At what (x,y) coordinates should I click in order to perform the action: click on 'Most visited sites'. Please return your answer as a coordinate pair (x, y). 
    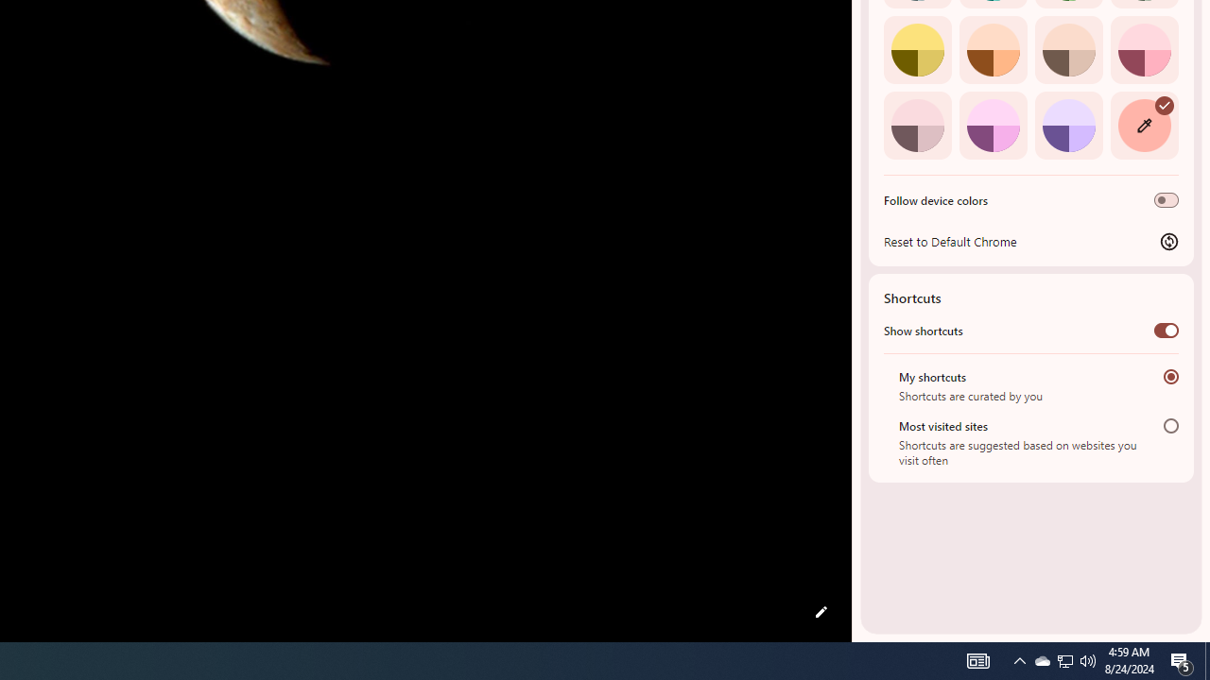
    Looking at the image, I should click on (1170, 425).